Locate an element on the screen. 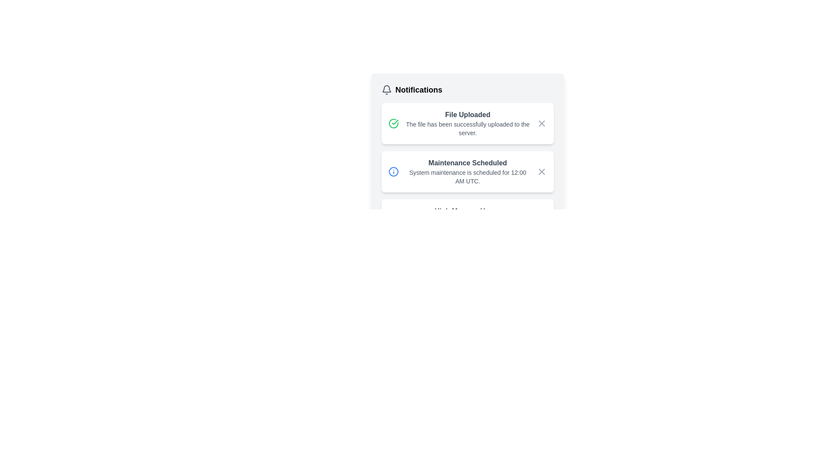  the text label that serves as the title of the notification, summarizing it as 'Maintenance Scheduled', located in the second notification entry in a vertical stack is located at coordinates (467, 163).